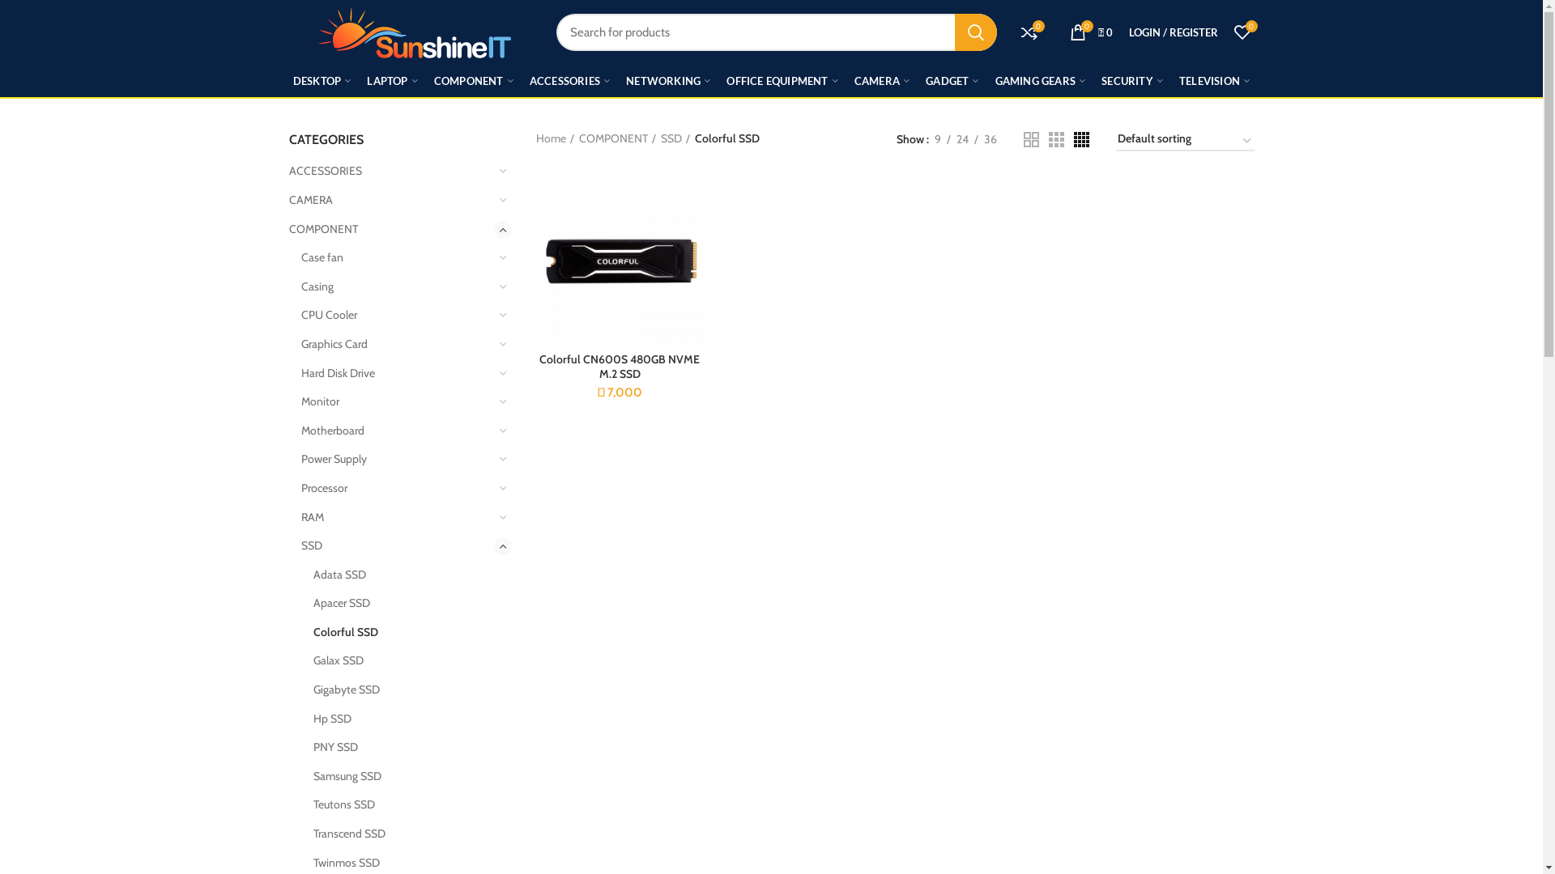 This screenshot has height=874, width=1555. What do you see at coordinates (322, 81) in the screenshot?
I see `'DESKTOP'` at bounding box center [322, 81].